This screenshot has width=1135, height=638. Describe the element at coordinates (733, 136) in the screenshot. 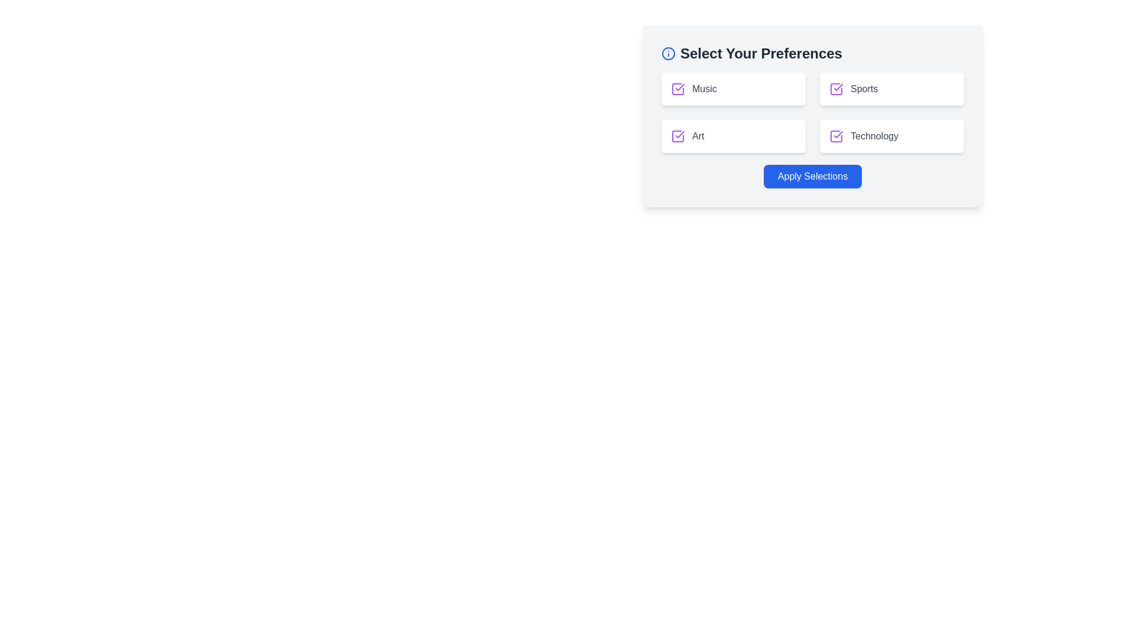

I see `the 'Art' checkbox element` at that location.